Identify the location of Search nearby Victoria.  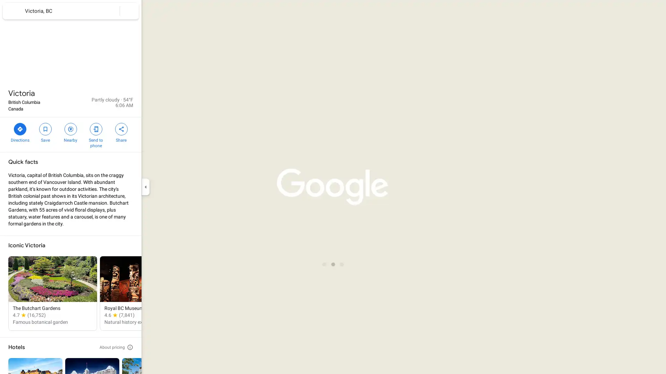
(70, 132).